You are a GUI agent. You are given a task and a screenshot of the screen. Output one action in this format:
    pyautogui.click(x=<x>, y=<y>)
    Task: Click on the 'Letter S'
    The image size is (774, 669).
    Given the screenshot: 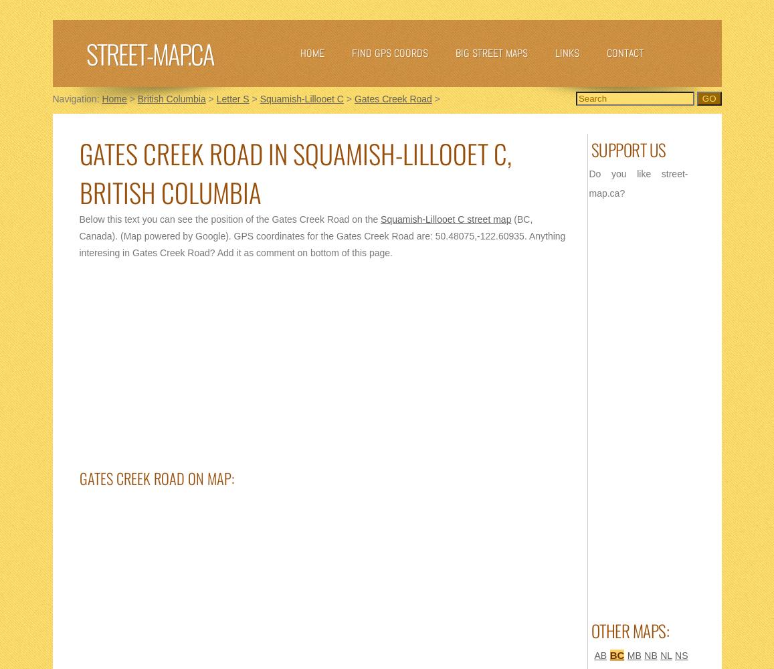 What is the action you would take?
    pyautogui.click(x=232, y=99)
    